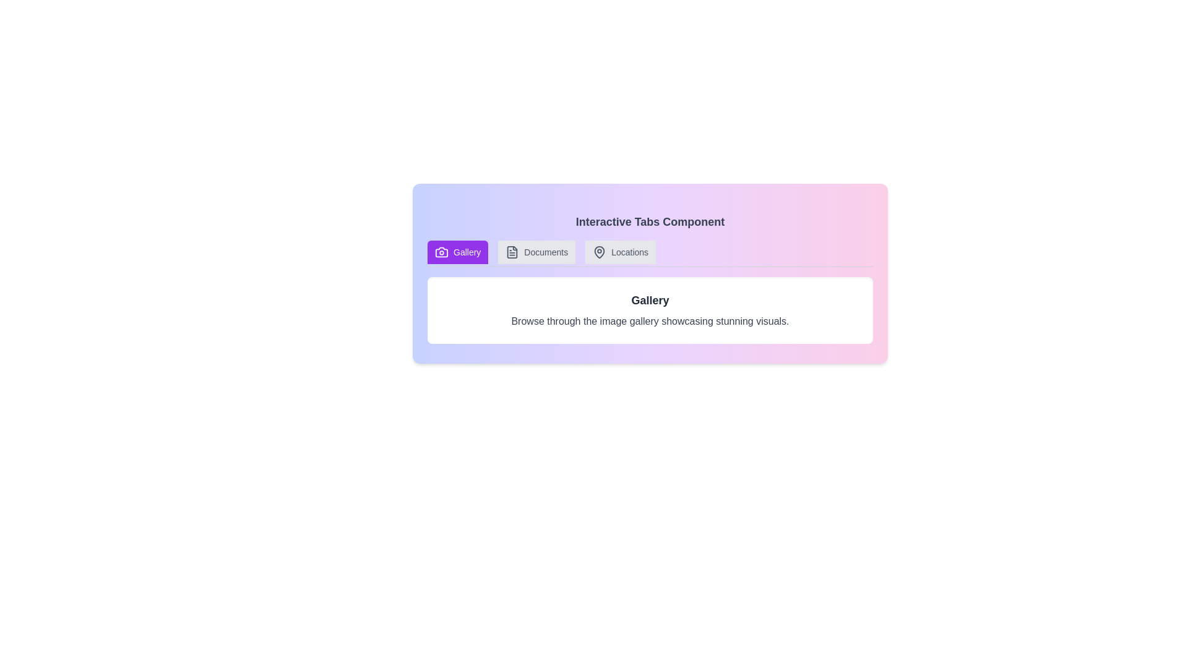 The height and width of the screenshot is (668, 1188). Describe the element at coordinates (621, 252) in the screenshot. I see `the Locations tab` at that location.